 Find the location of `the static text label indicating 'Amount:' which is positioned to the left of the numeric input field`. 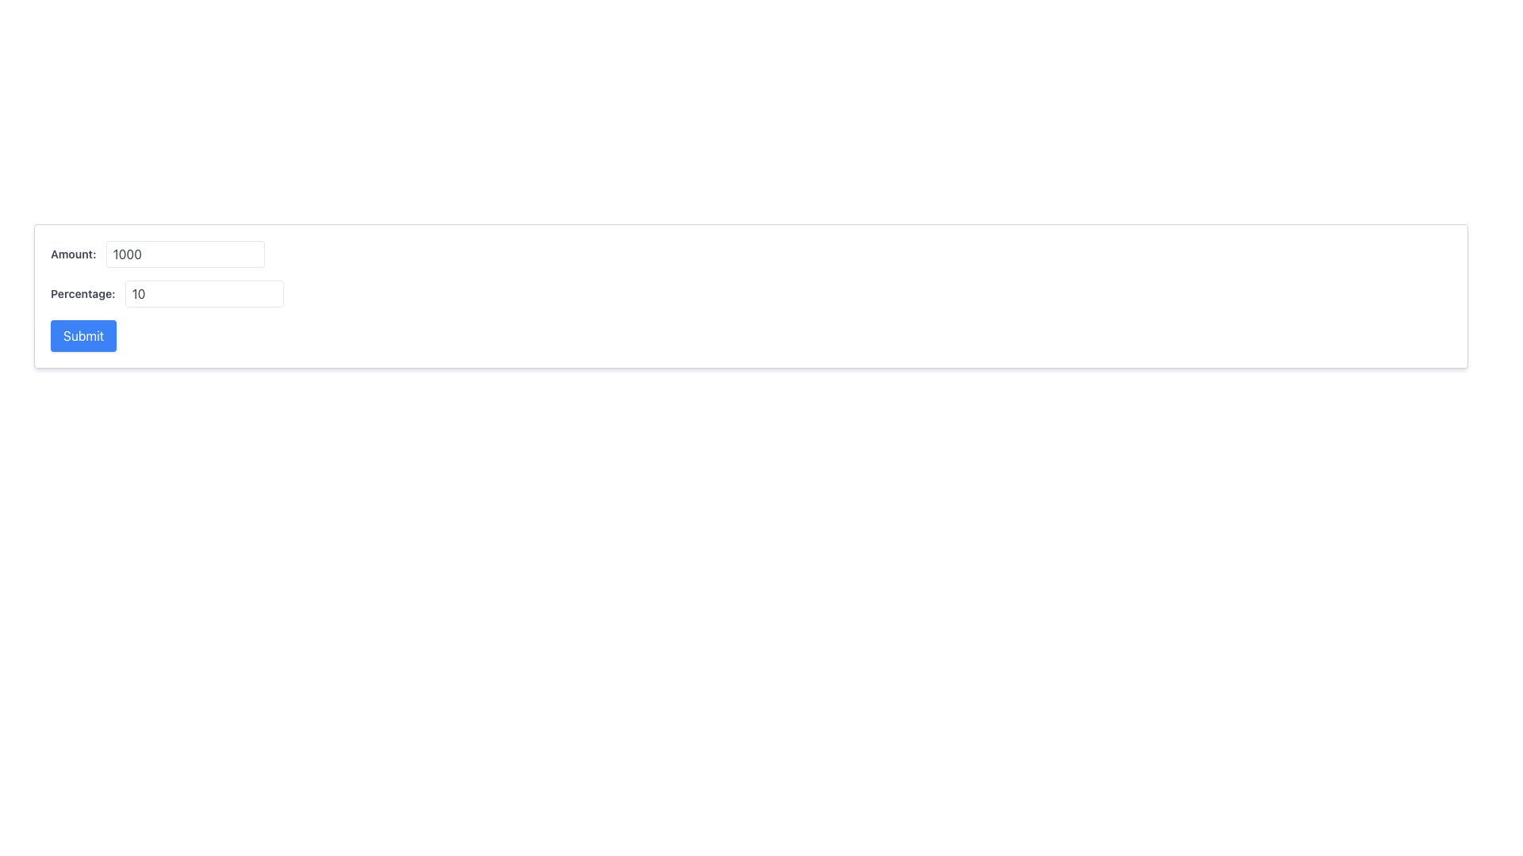

the static text label indicating 'Amount:' which is positioned to the left of the numeric input field is located at coordinates (72, 253).